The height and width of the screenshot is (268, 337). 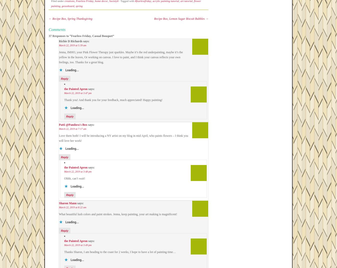 I want to click on 'Thanks Sharon, I am heading to the coast for 2 weeks, I hope to have a lot of painting time…', so click(x=120, y=252).